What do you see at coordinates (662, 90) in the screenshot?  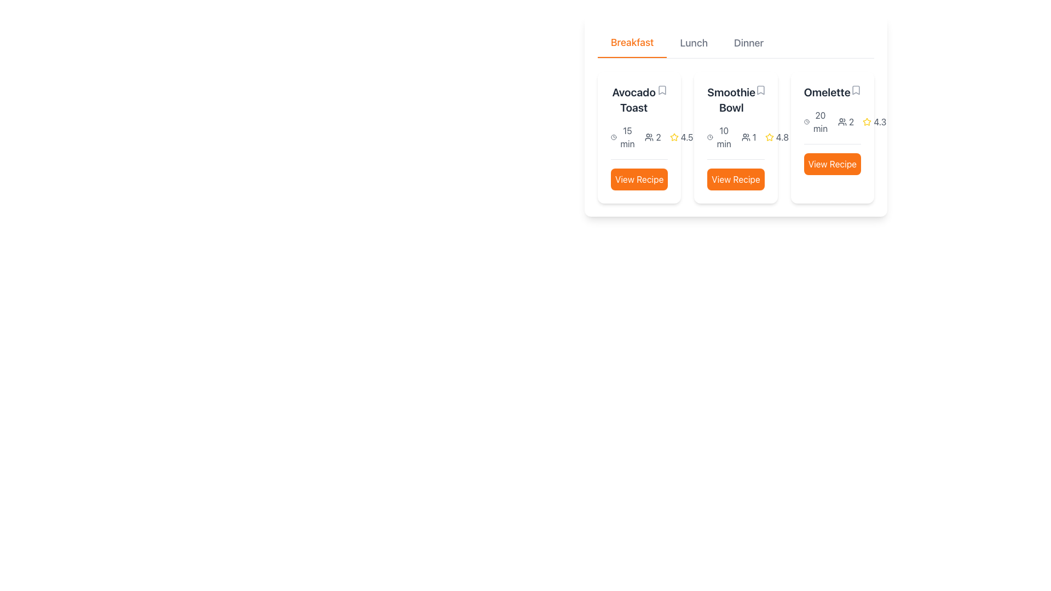 I see `the small bookmark icon located to the right of the 'Avocado Toast' title in the 'Breakfast' section of the food recipe card to bookmark it` at bounding box center [662, 90].